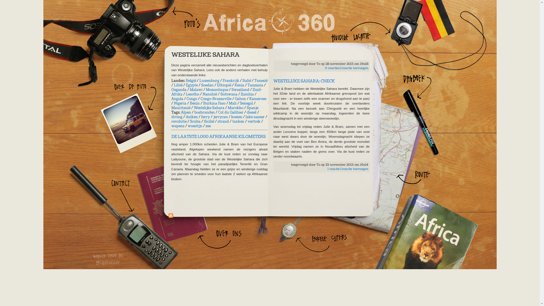  What do you see at coordinates (170, 216) in the screenshot?
I see `'Abonneren op RSS - Westelijke Sahara'` at bounding box center [170, 216].